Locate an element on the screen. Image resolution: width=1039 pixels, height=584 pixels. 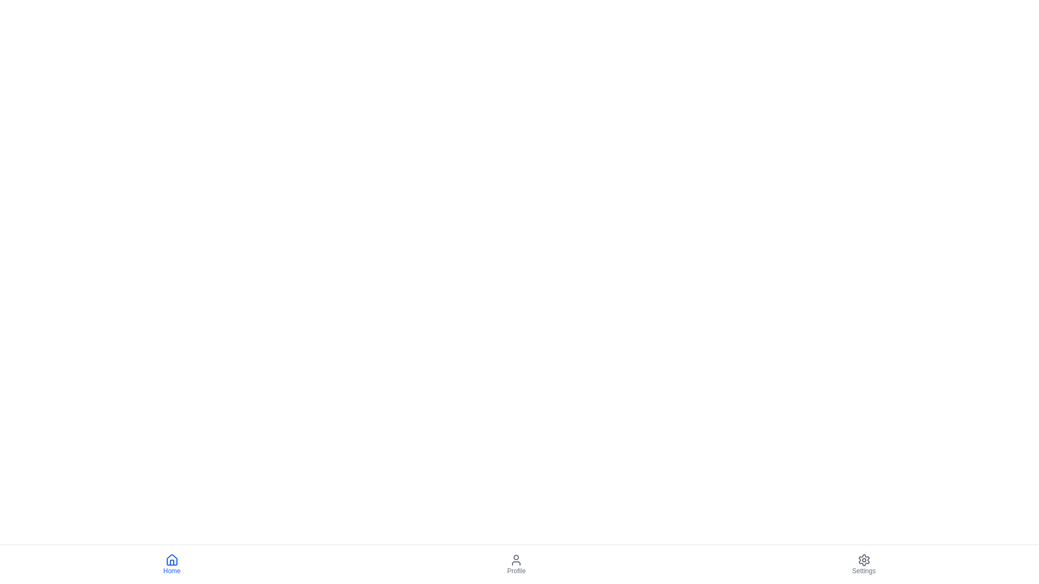
the settings navigation button located at the far right of the bottom navigation bar, which is the third icon to the right of the 'Profile' icon is located at coordinates (863, 560).